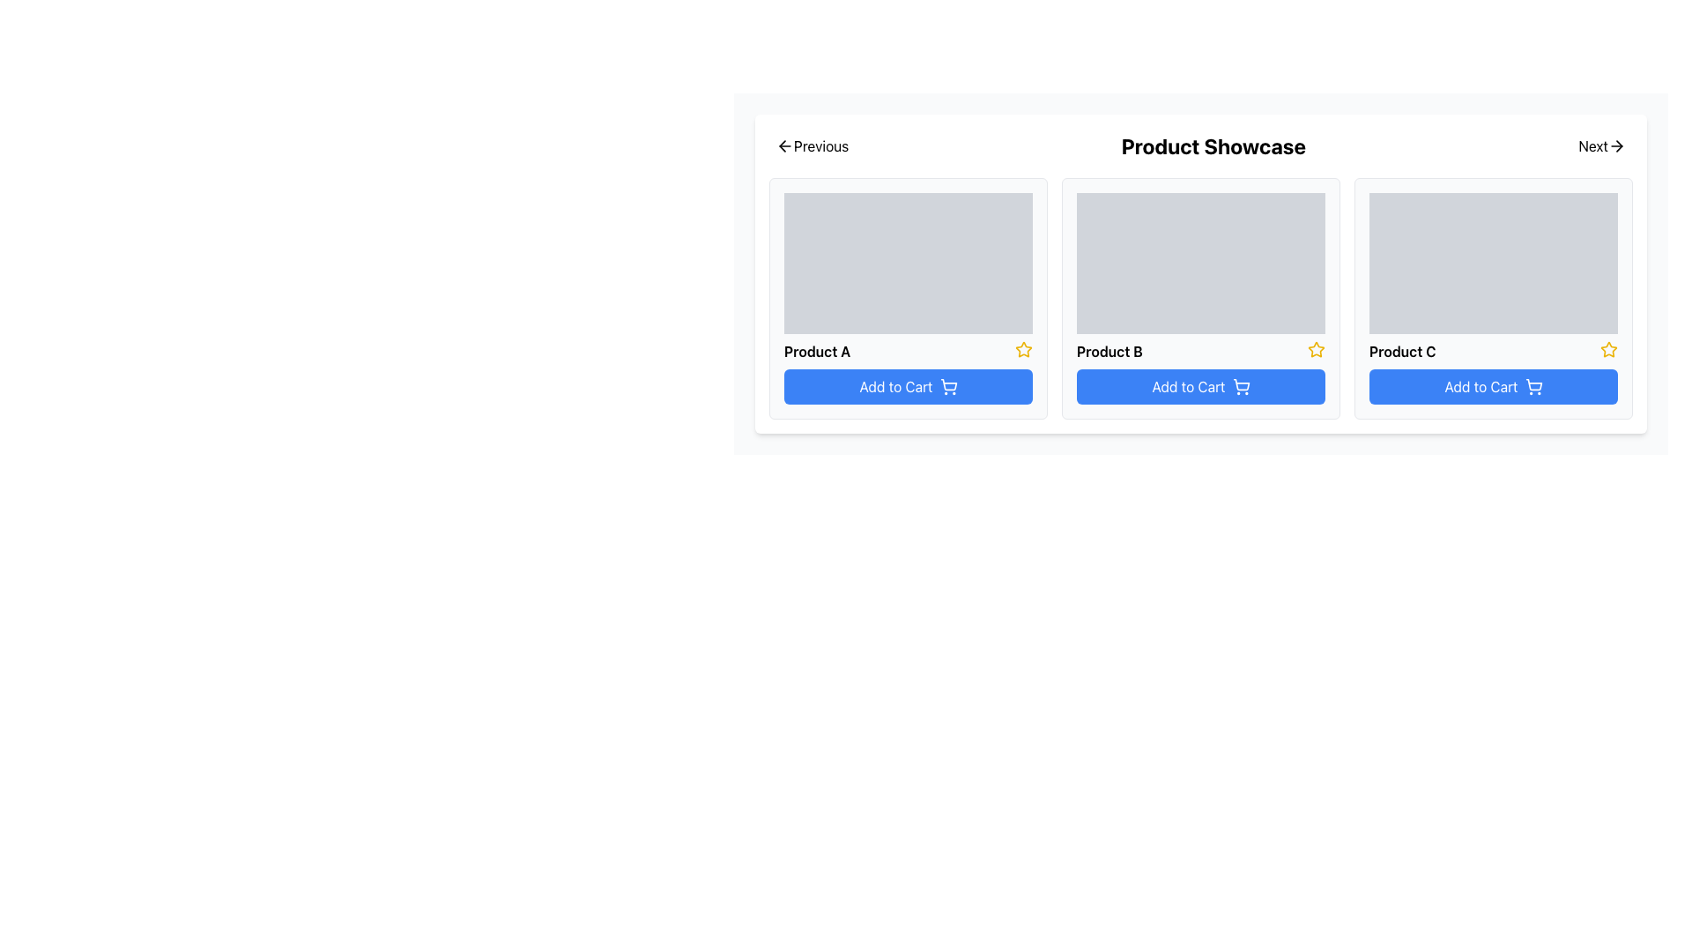 This screenshot has height=952, width=1692. Describe the element at coordinates (1532, 386) in the screenshot. I see `the 'Add to Cart' icon located on the right side of the button text for 'Product C'` at that location.